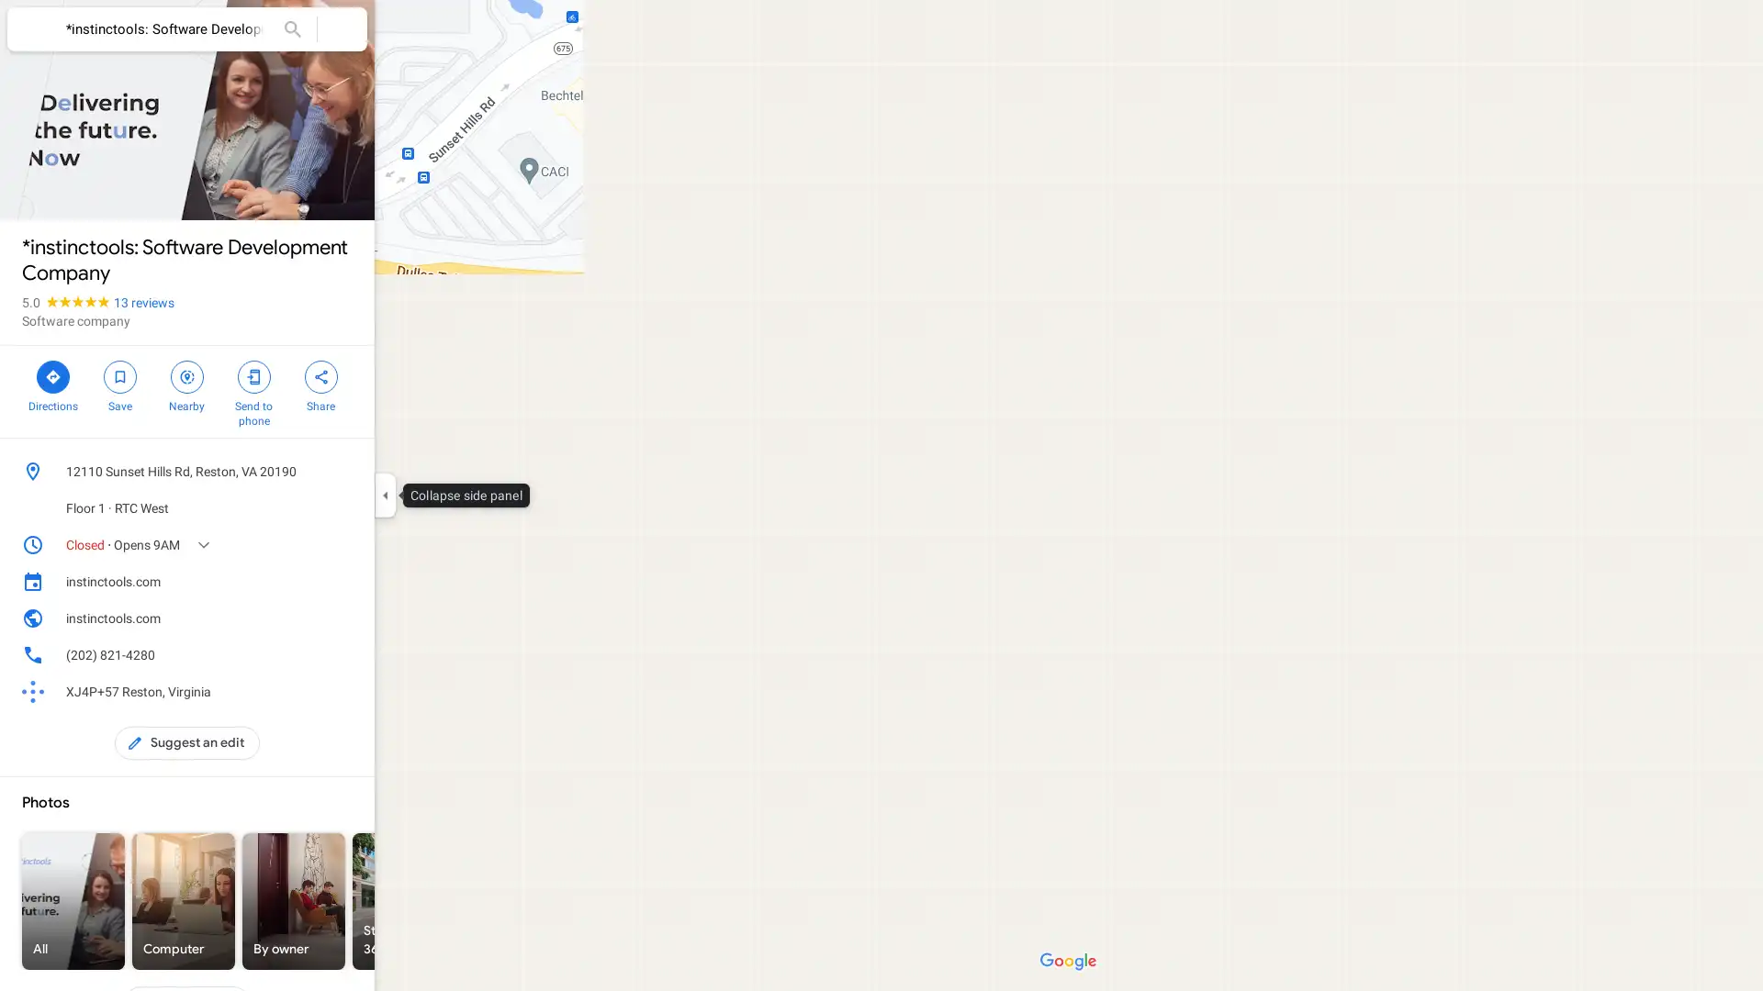 The width and height of the screenshot is (1763, 991). What do you see at coordinates (384, 495) in the screenshot?
I see `Collapse side panel` at bounding box center [384, 495].